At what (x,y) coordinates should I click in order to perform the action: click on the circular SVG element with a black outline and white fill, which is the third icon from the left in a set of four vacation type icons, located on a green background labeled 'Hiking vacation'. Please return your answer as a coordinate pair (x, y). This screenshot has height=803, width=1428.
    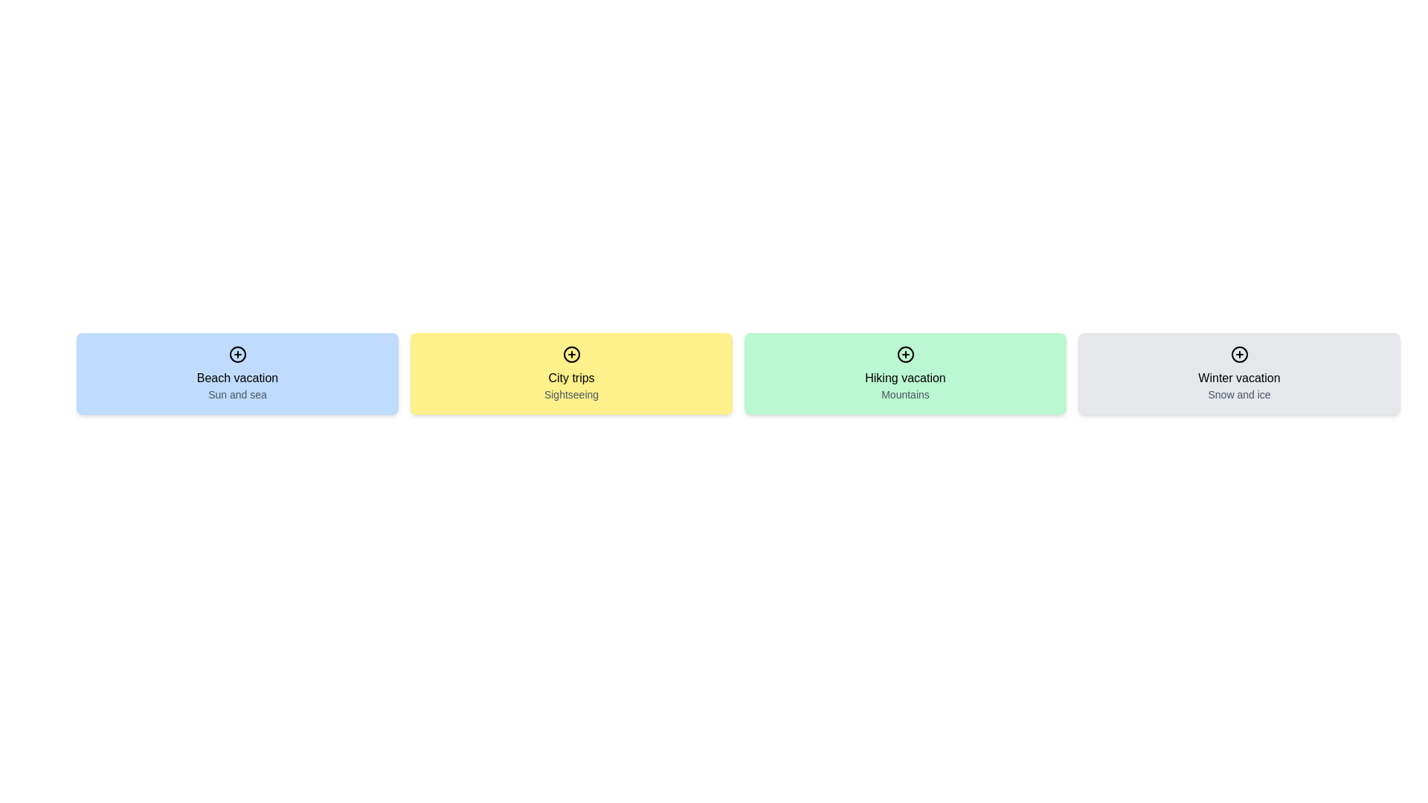
    Looking at the image, I should click on (904, 355).